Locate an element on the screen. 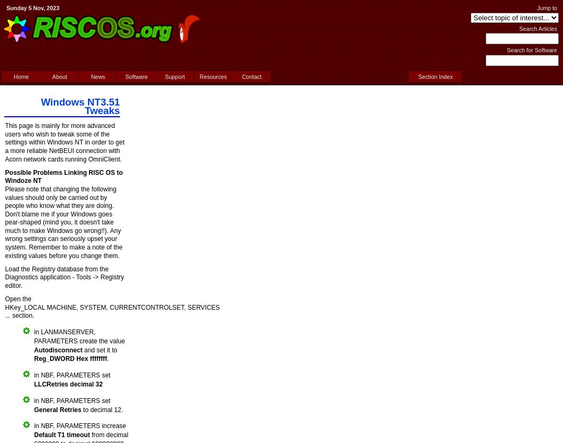 The width and height of the screenshot is (563, 443). 'Open the' is located at coordinates (18, 299).